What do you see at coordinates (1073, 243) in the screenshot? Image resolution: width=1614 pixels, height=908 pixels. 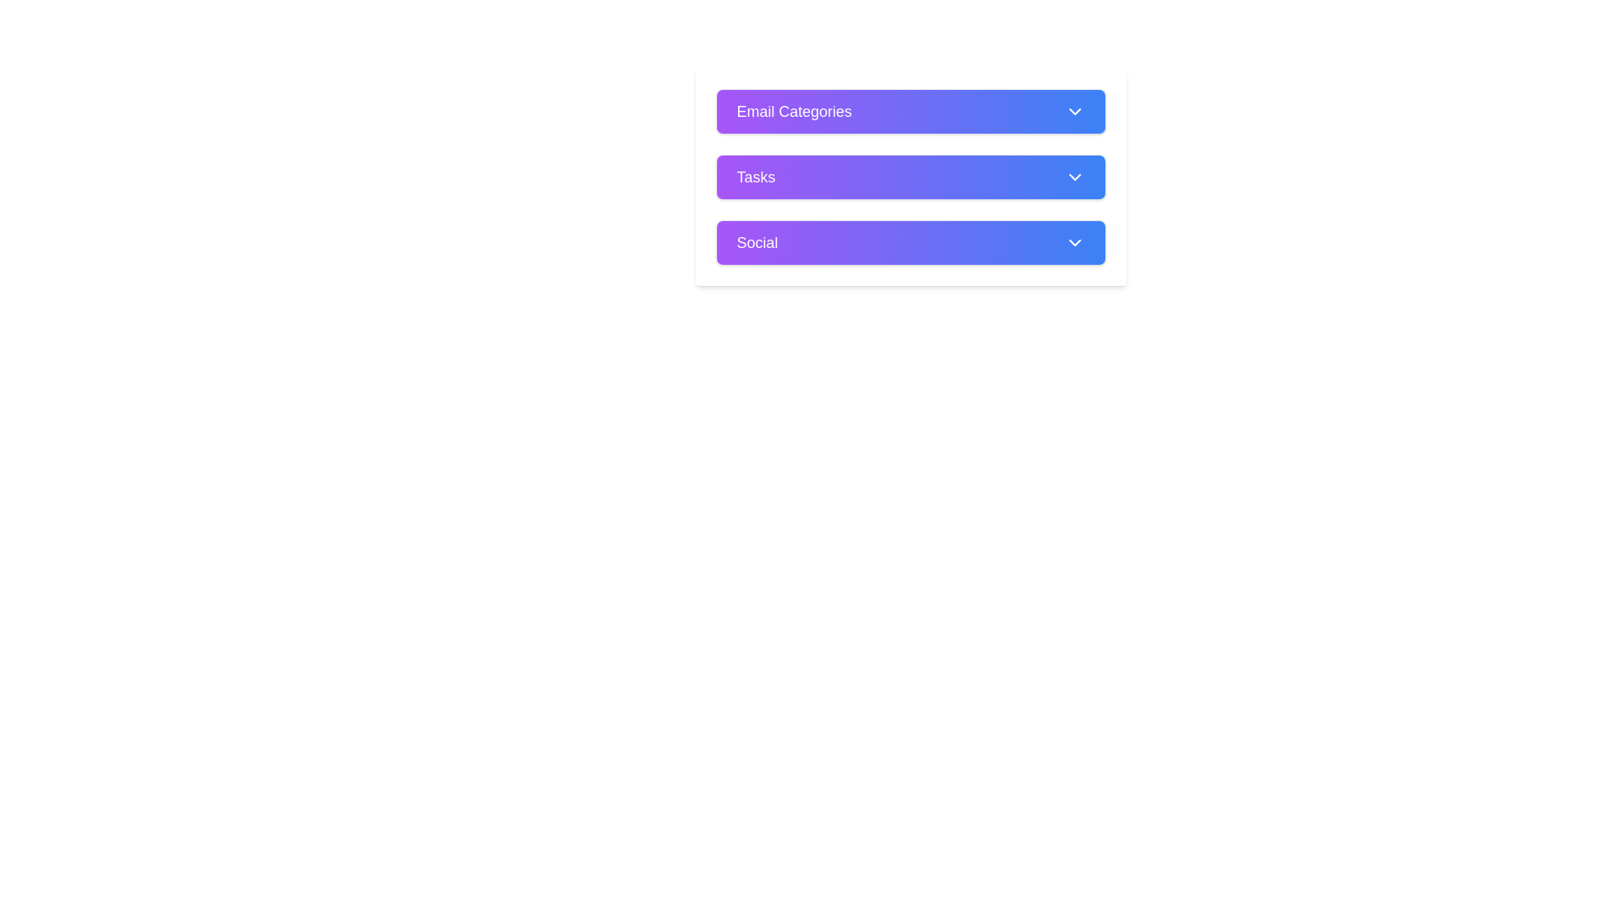 I see `the chevron icon button located at the right end of the 'Social' bar` at bounding box center [1073, 243].